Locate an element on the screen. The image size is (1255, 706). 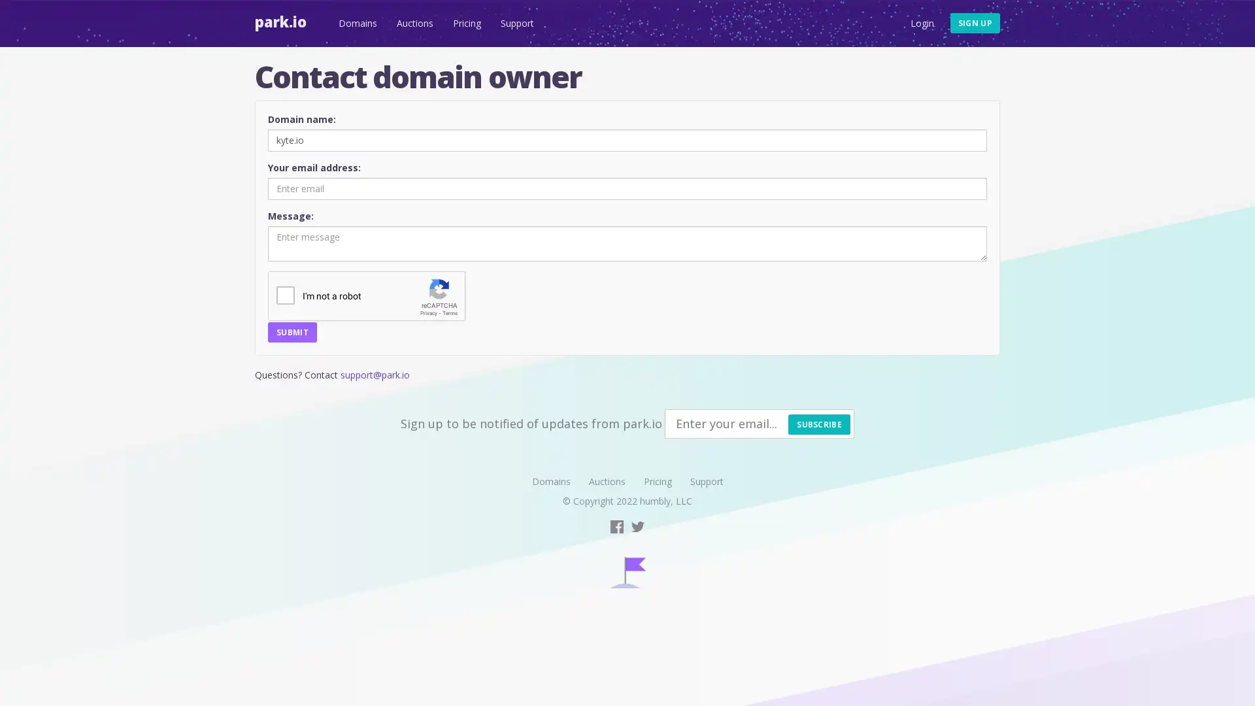
SUBSCRIBE is located at coordinates (818, 424).